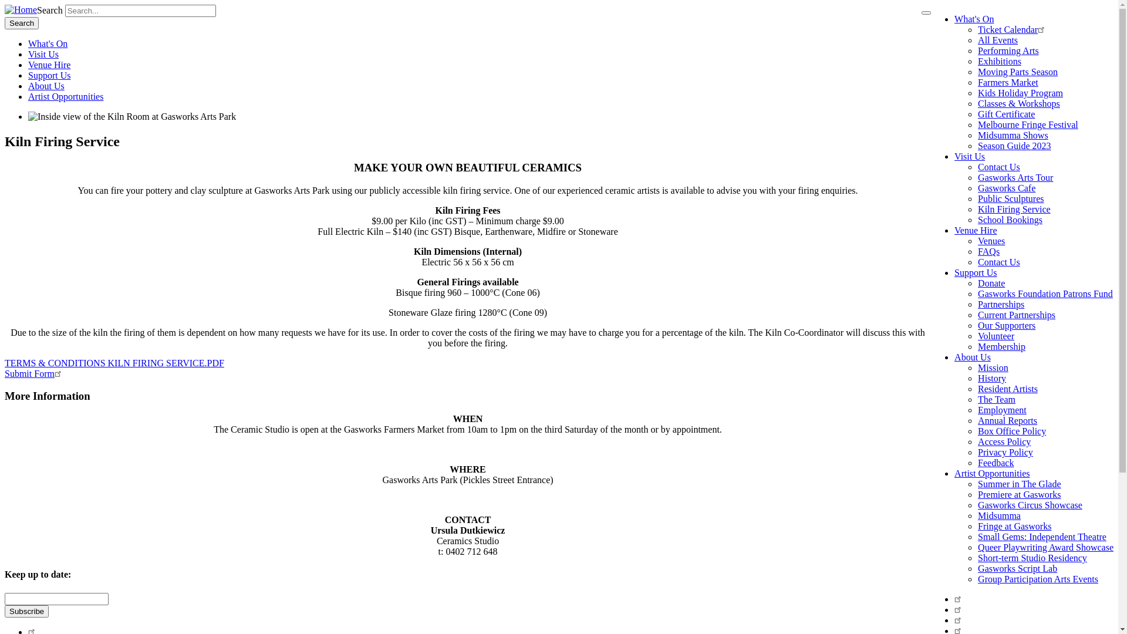 Image resolution: width=1127 pixels, height=634 pixels. Describe the element at coordinates (48, 65) in the screenshot. I see `'Venue Hire'` at that location.